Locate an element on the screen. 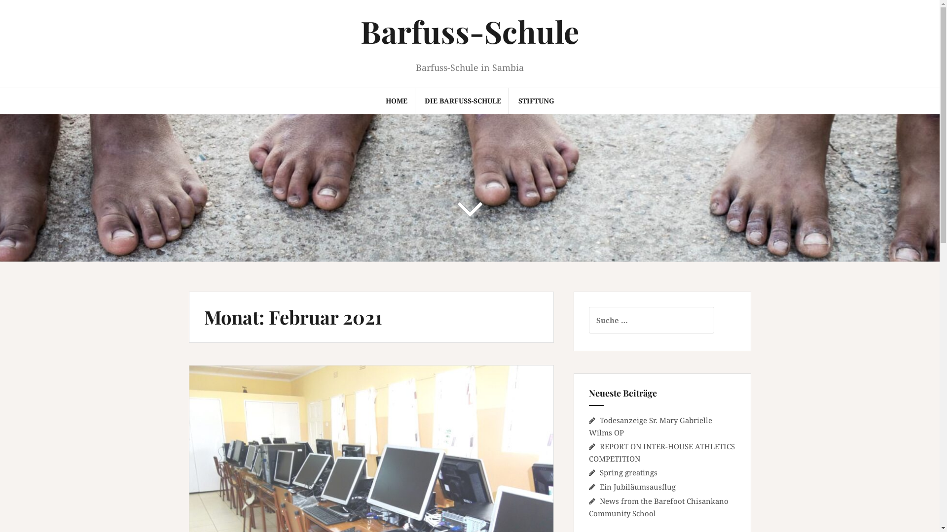  'Todesanzeige Sr. Mary Gabrielle Wilms OP' is located at coordinates (651, 426).